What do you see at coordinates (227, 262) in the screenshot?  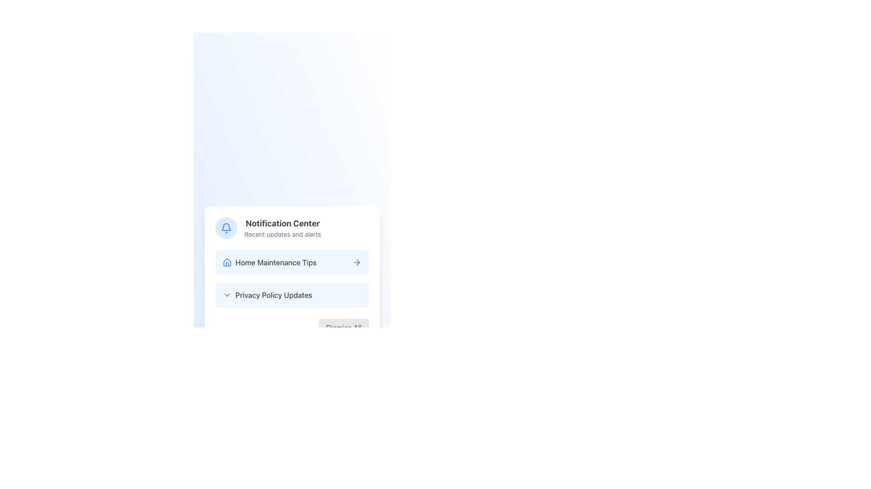 I see `the home maintenance tips icon within the notification entry titled 'Home Maintenance Tips' in the Notification Center` at bounding box center [227, 262].